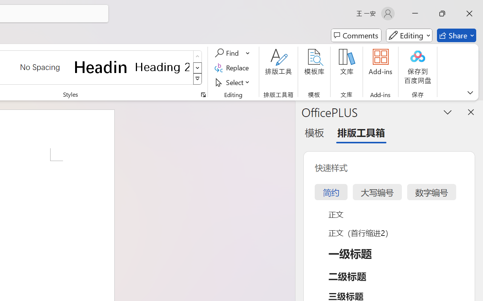  What do you see at coordinates (448, 112) in the screenshot?
I see `'Task Pane Options'` at bounding box center [448, 112].